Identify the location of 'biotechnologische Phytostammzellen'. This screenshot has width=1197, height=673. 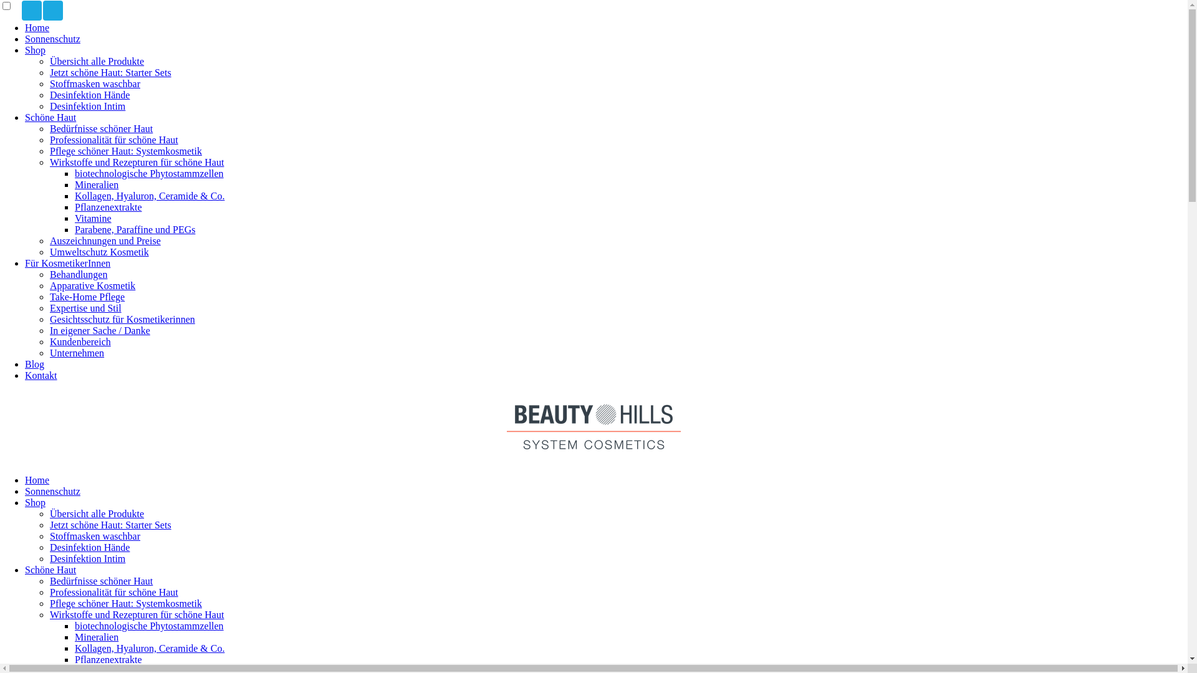
(149, 626).